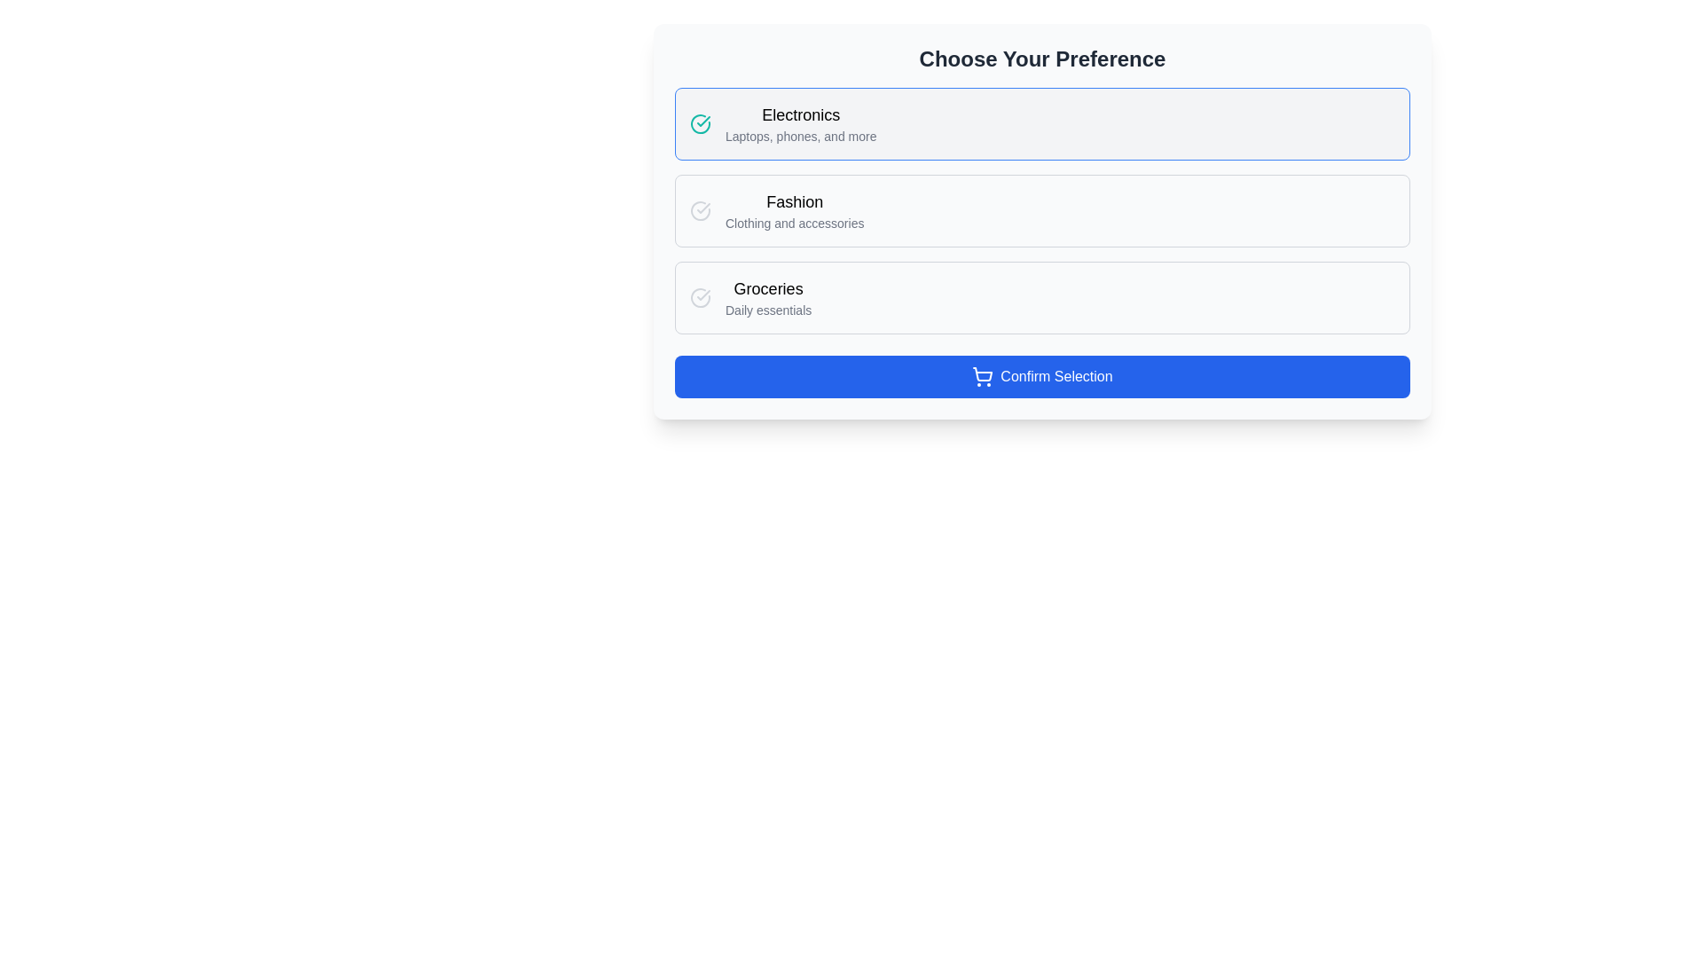  What do you see at coordinates (1042, 210) in the screenshot?
I see `the 'Fashion' option in the interactive list` at bounding box center [1042, 210].